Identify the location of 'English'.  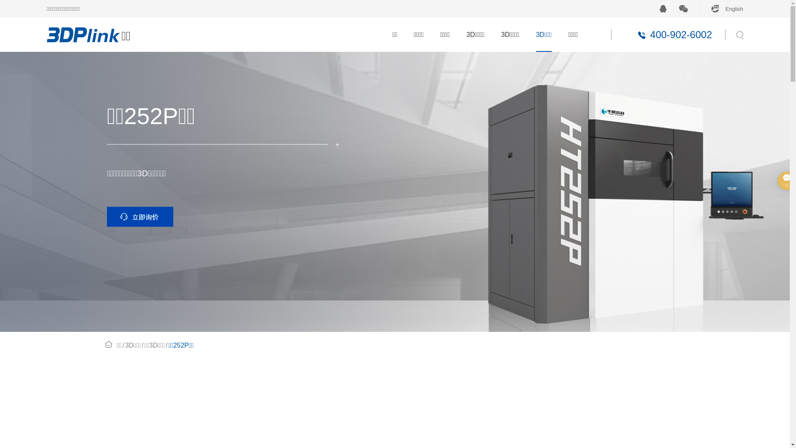
(721, 8).